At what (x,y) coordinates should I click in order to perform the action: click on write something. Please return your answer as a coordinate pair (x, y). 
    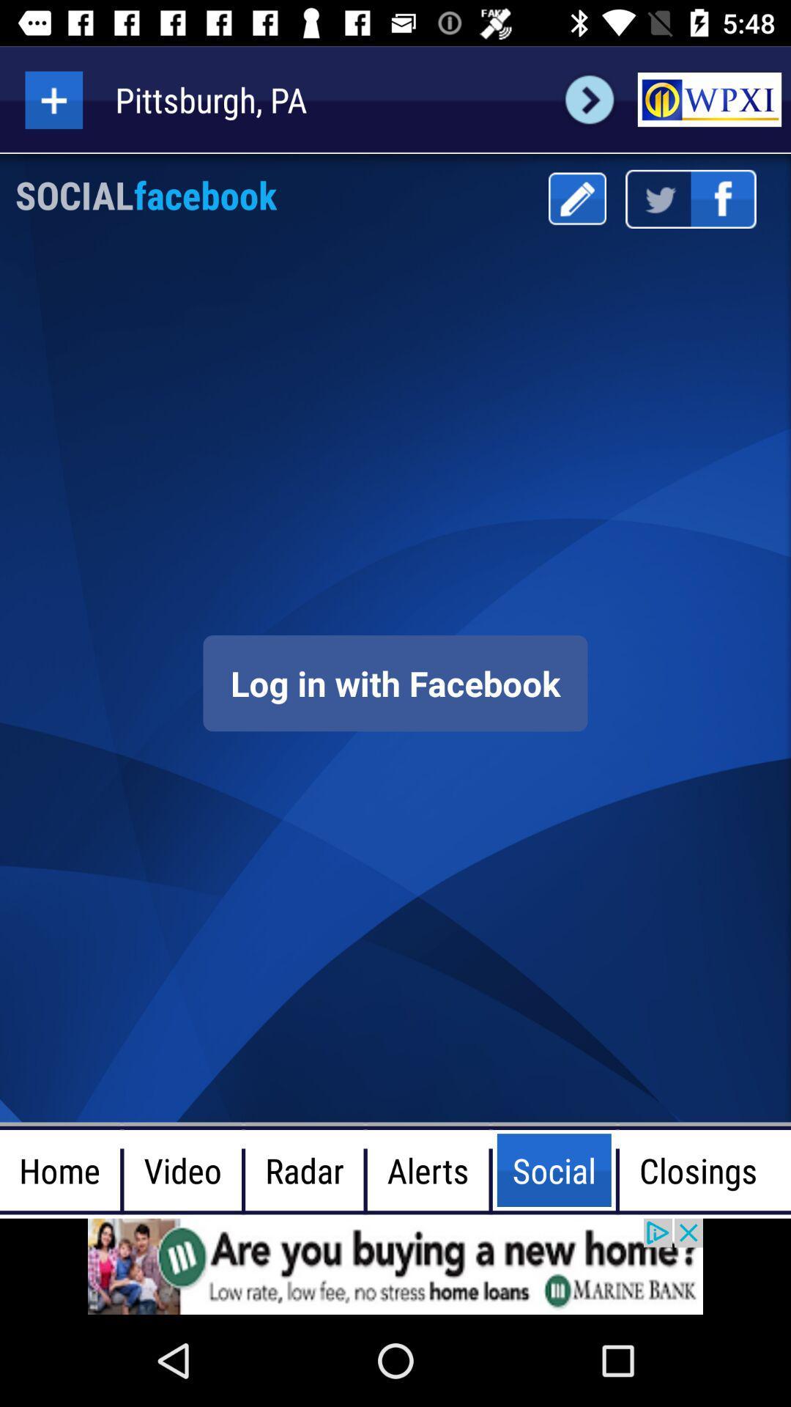
    Looking at the image, I should click on (576, 198).